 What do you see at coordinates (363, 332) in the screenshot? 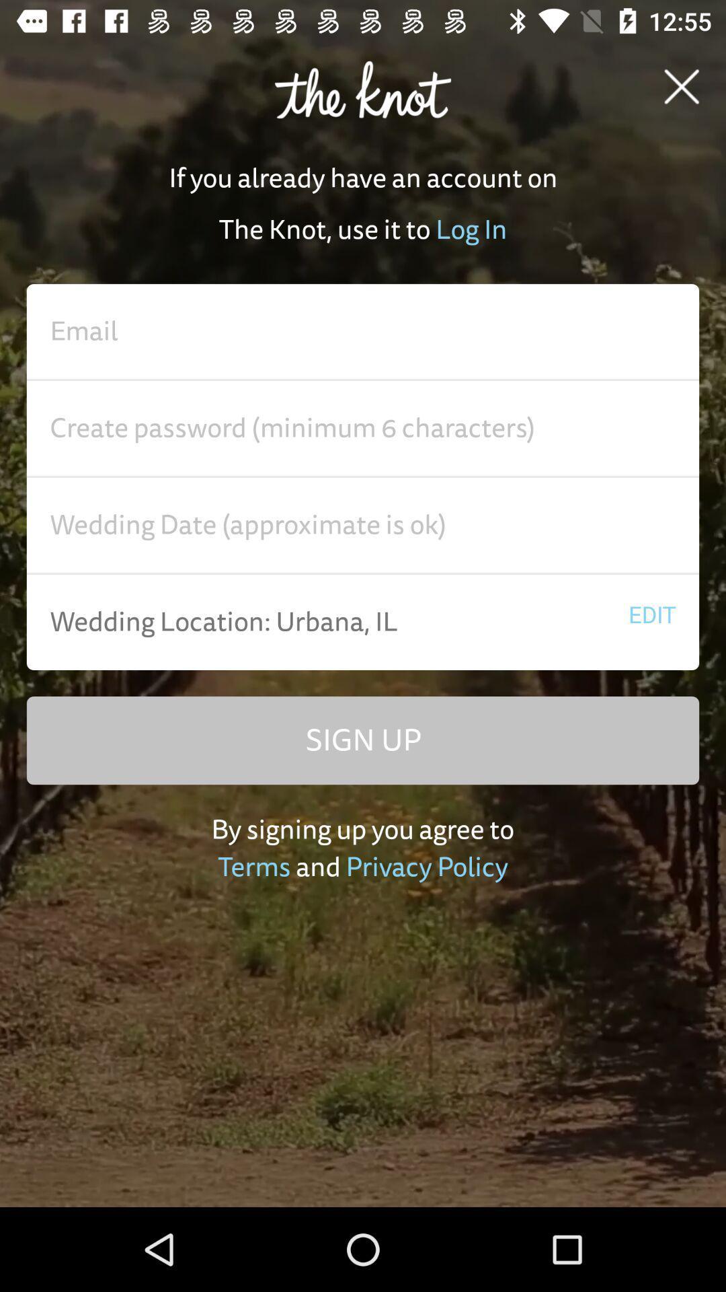
I see `enter email` at bounding box center [363, 332].